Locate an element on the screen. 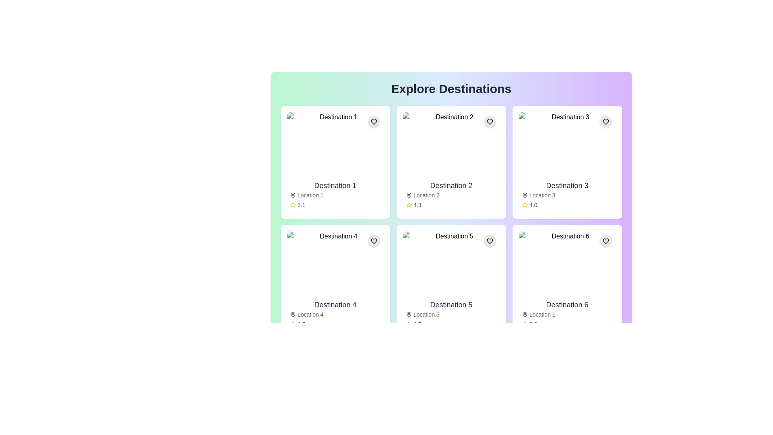 Image resolution: width=773 pixels, height=435 pixels. the rating icon next to the text '3.1' on the destination card located in the top-left corner of the grid layout is located at coordinates (293, 205).